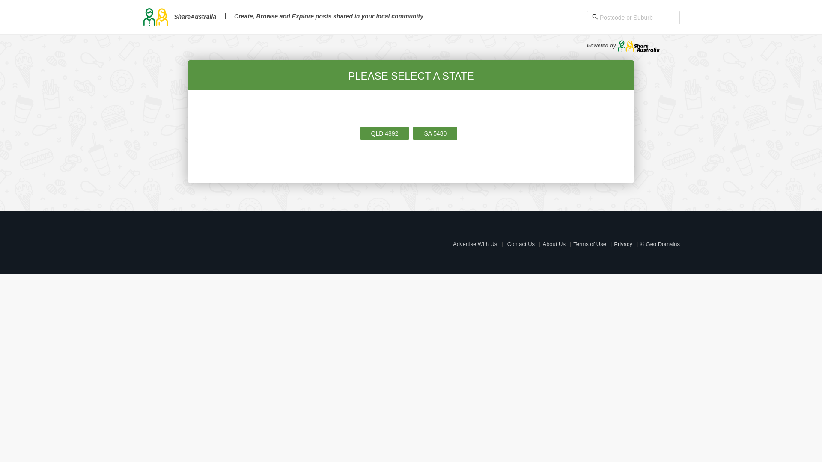  What do you see at coordinates (384, 133) in the screenshot?
I see `'QLD 4892'` at bounding box center [384, 133].